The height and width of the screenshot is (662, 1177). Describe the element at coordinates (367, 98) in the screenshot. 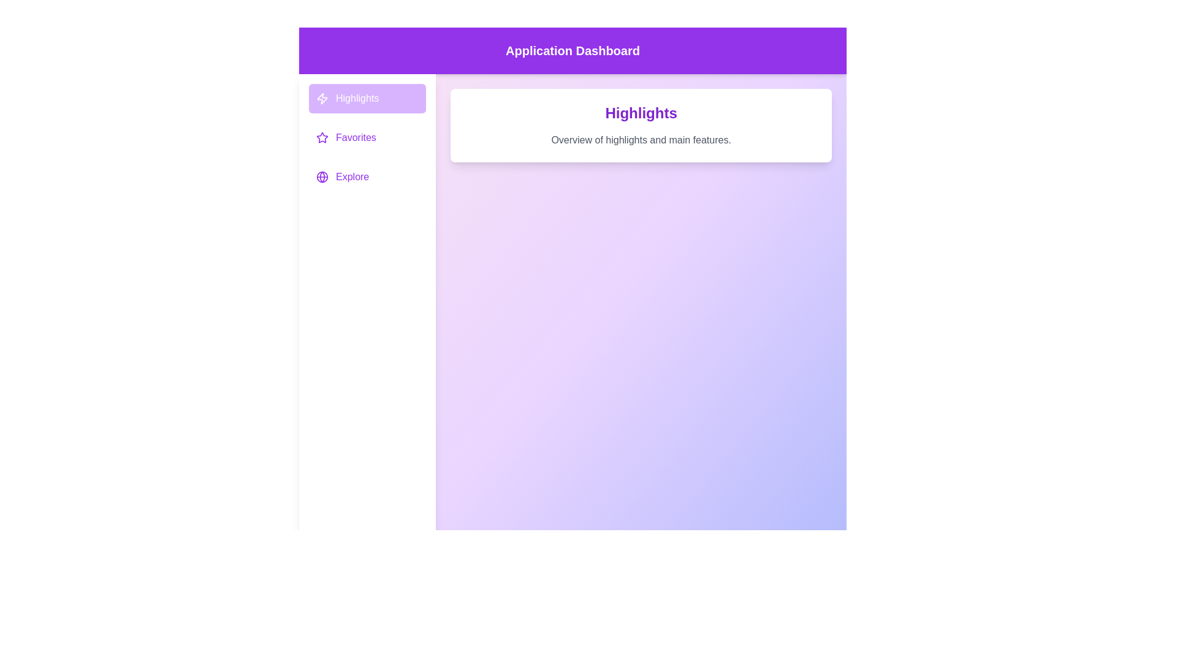

I see `the menu item Highlights to view its corresponding content` at that location.